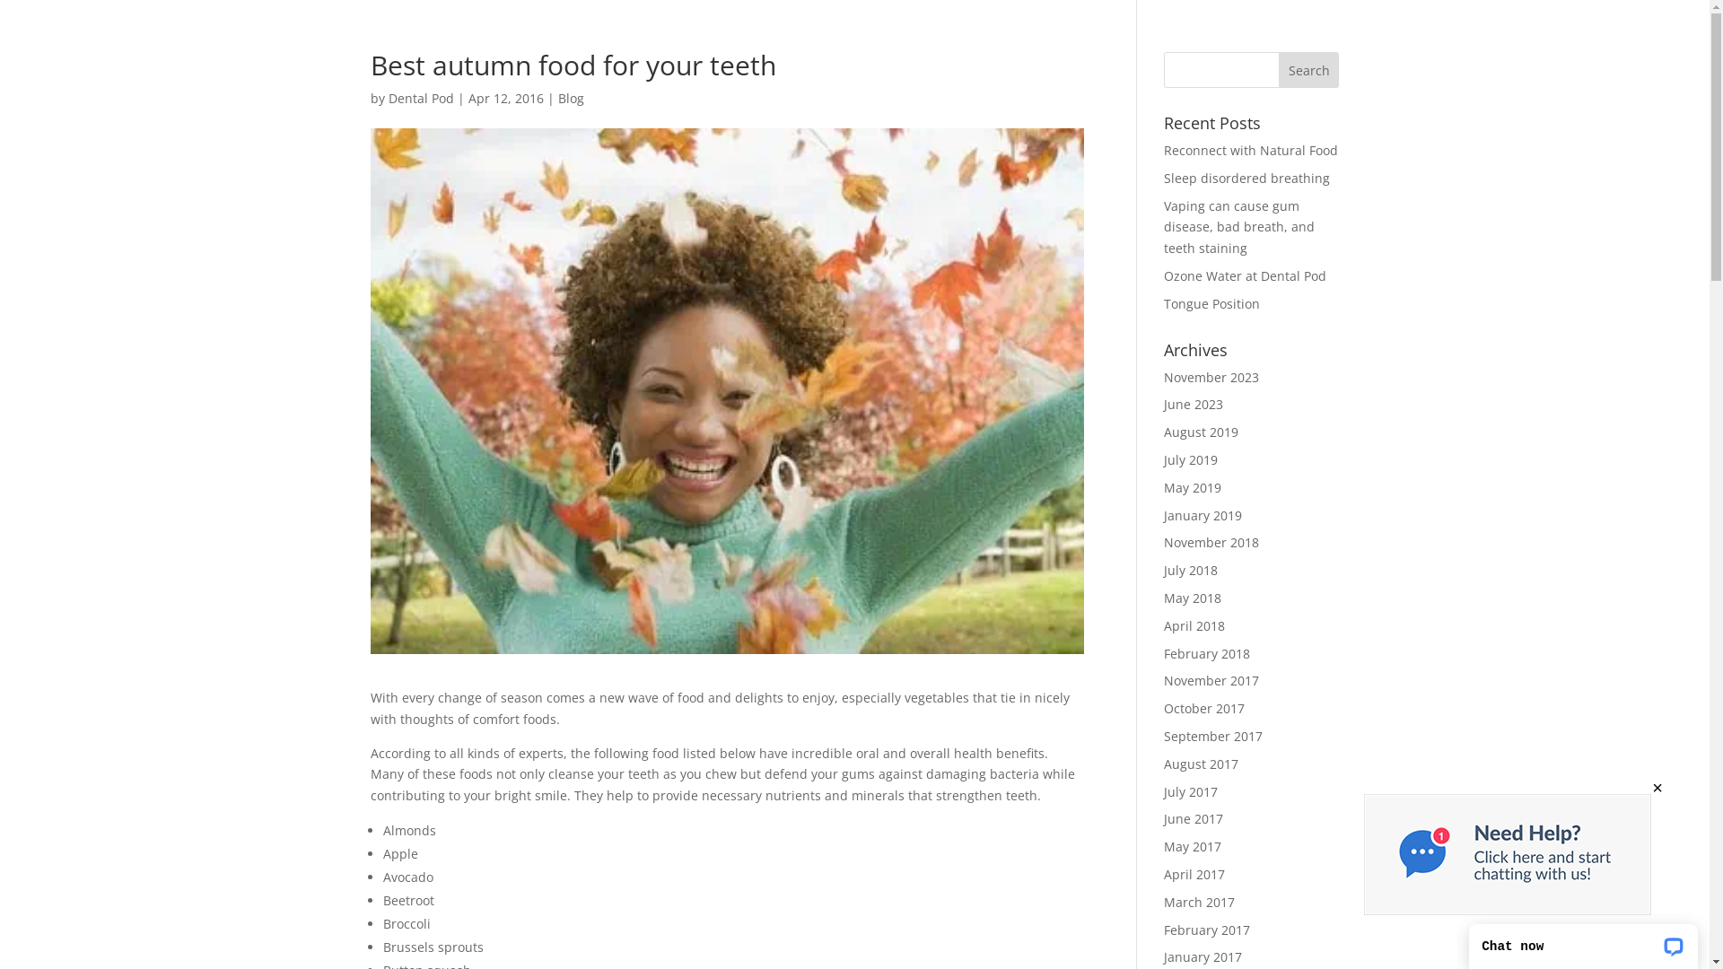 The height and width of the screenshot is (969, 1723). I want to click on 'Sleep disordered breathing', so click(1246, 178).